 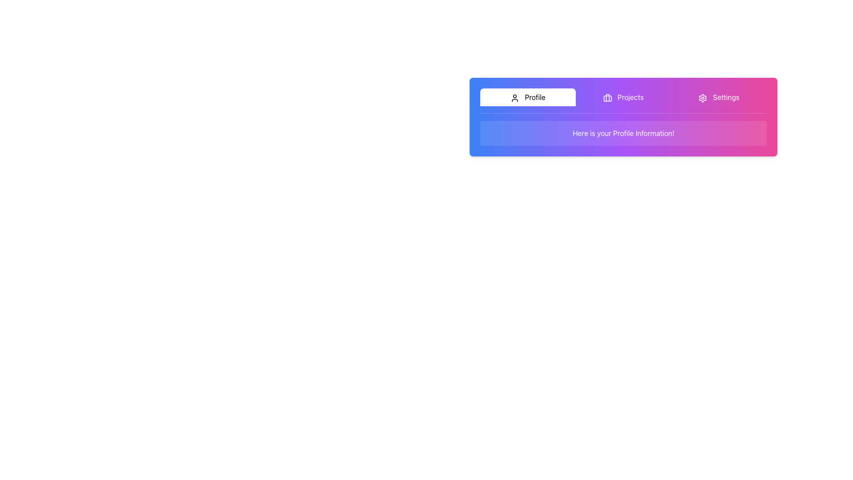 What do you see at coordinates (515, 98) in the screenshot?
I see `the user profile icon located to the left of the 'Profile' text in the header of the interface, which serves as a clickable area for user-related functionalities` at bounding box center [515, 98].